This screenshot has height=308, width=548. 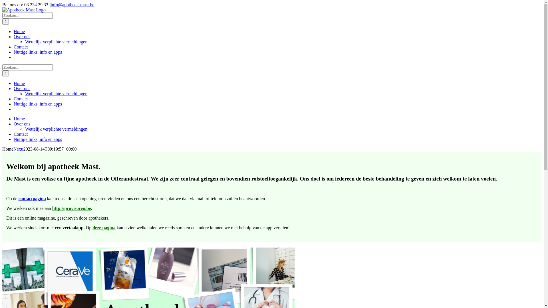 I want to click on 'Ga naar inhoud', so click(x=2, y=2).